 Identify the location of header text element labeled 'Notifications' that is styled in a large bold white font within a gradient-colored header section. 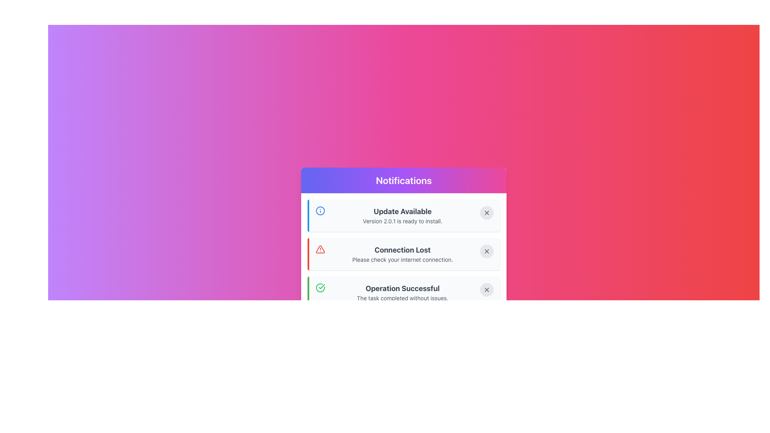
(404, 180).